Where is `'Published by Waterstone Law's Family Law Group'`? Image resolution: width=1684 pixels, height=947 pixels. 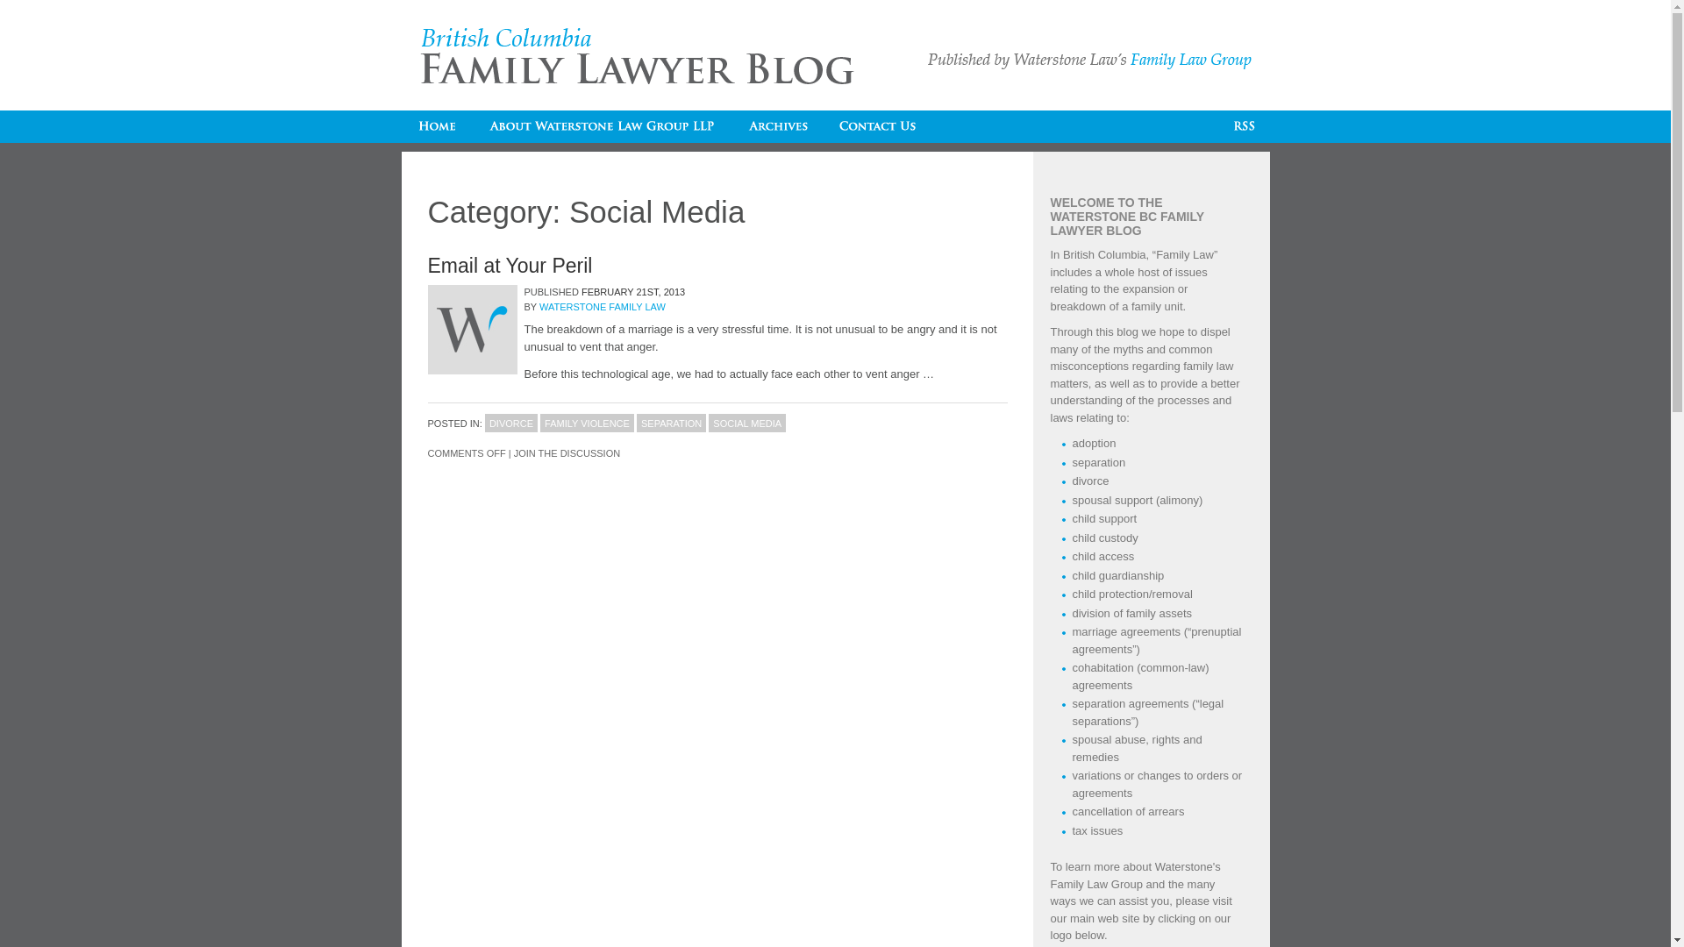
'Published by Waterstone Law's Family Law Group' is located at coordinates (1088, 60).